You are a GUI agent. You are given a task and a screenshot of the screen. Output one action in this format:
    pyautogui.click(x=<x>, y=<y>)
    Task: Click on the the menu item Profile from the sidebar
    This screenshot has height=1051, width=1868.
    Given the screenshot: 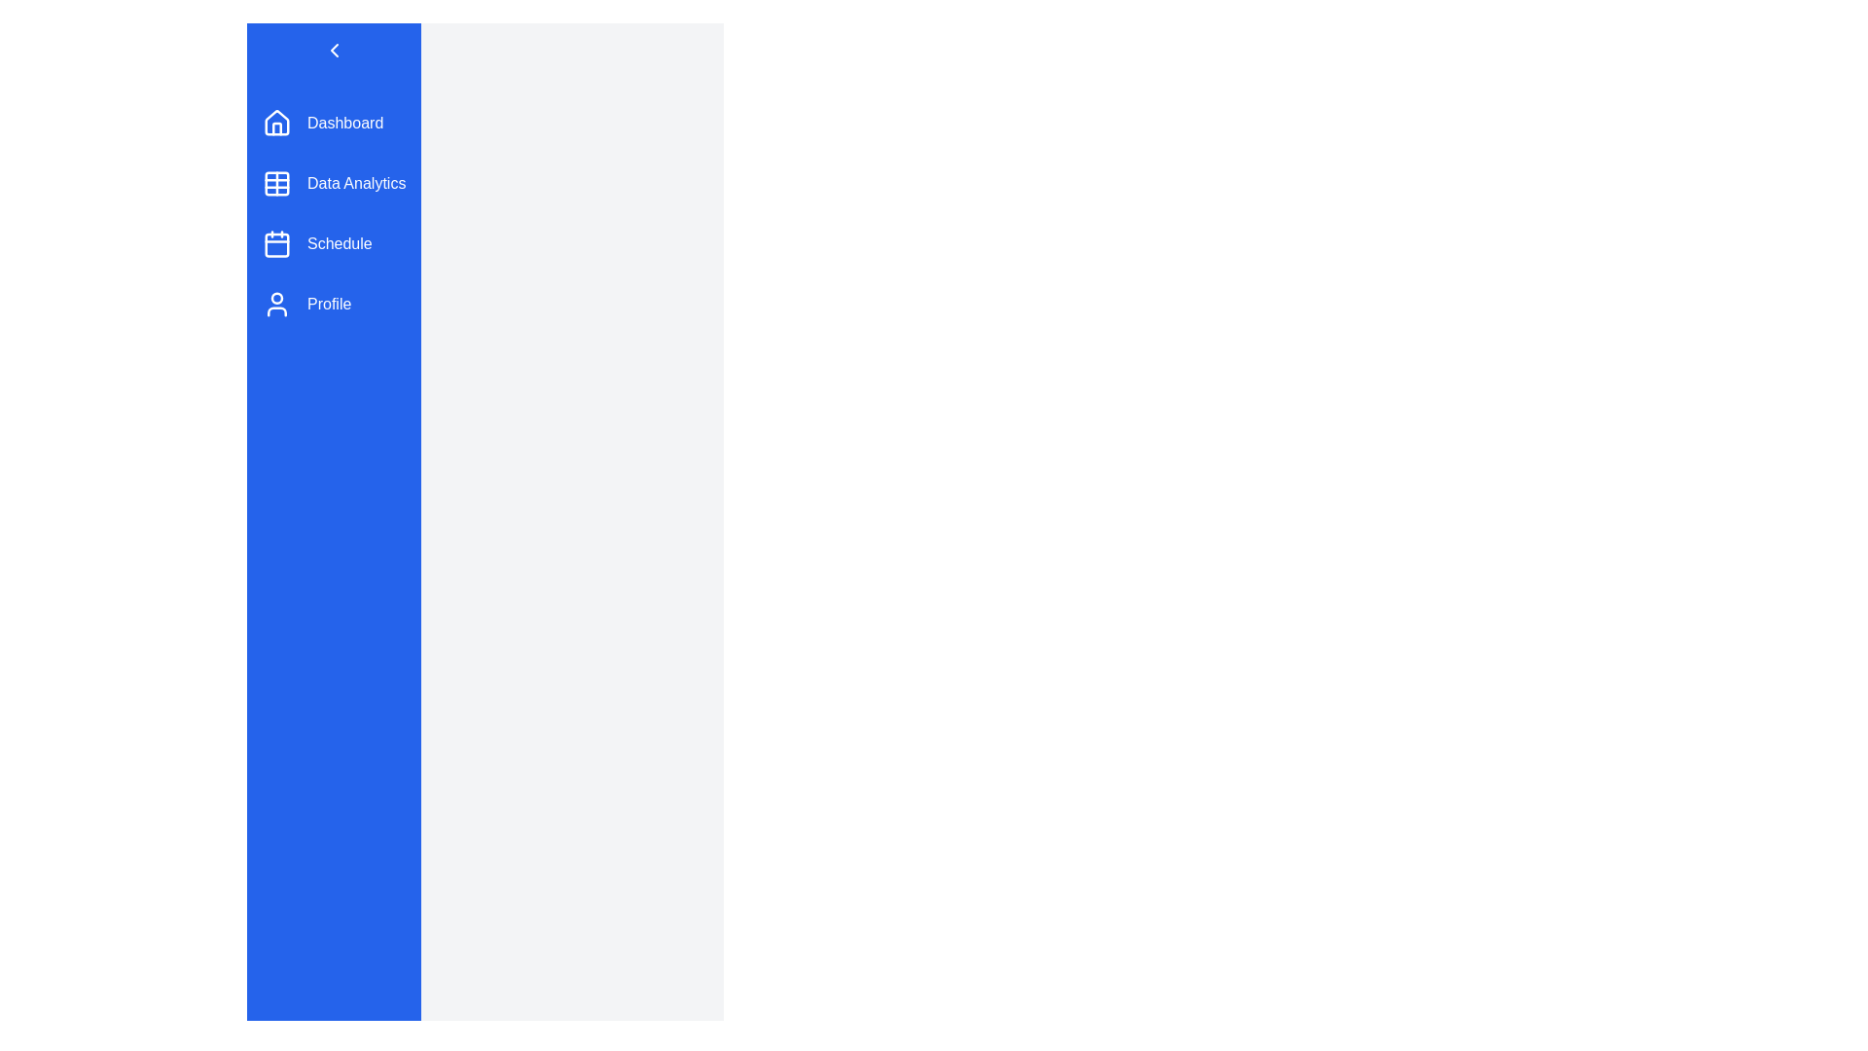 What is the action you would take?
    pyautogui.click(x=334, y=304)
    